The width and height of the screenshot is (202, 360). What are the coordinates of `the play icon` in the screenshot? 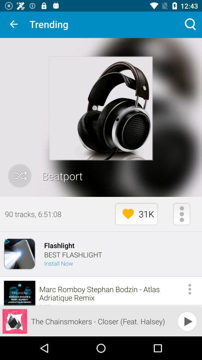 It's located at (187, 321).